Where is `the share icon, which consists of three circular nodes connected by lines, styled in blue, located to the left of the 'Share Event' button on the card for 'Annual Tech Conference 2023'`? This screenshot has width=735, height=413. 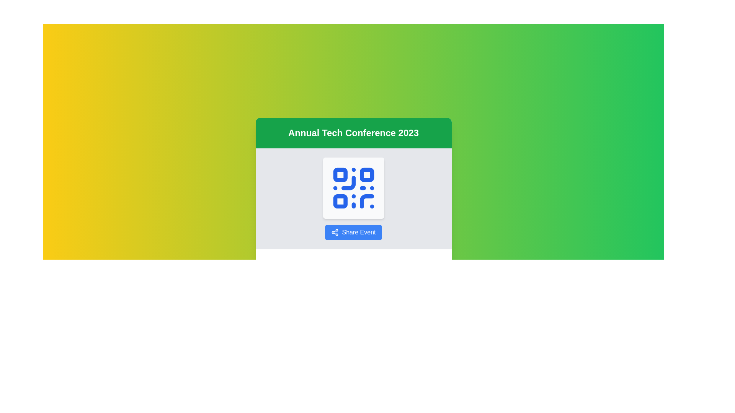
the share icon, which consists of three circular nodes connected by lines, styled in blue, located to the left of the 'Share Event' button on the card for 'Annual Tech Conference 2023' is located at coordinates (335, 232).